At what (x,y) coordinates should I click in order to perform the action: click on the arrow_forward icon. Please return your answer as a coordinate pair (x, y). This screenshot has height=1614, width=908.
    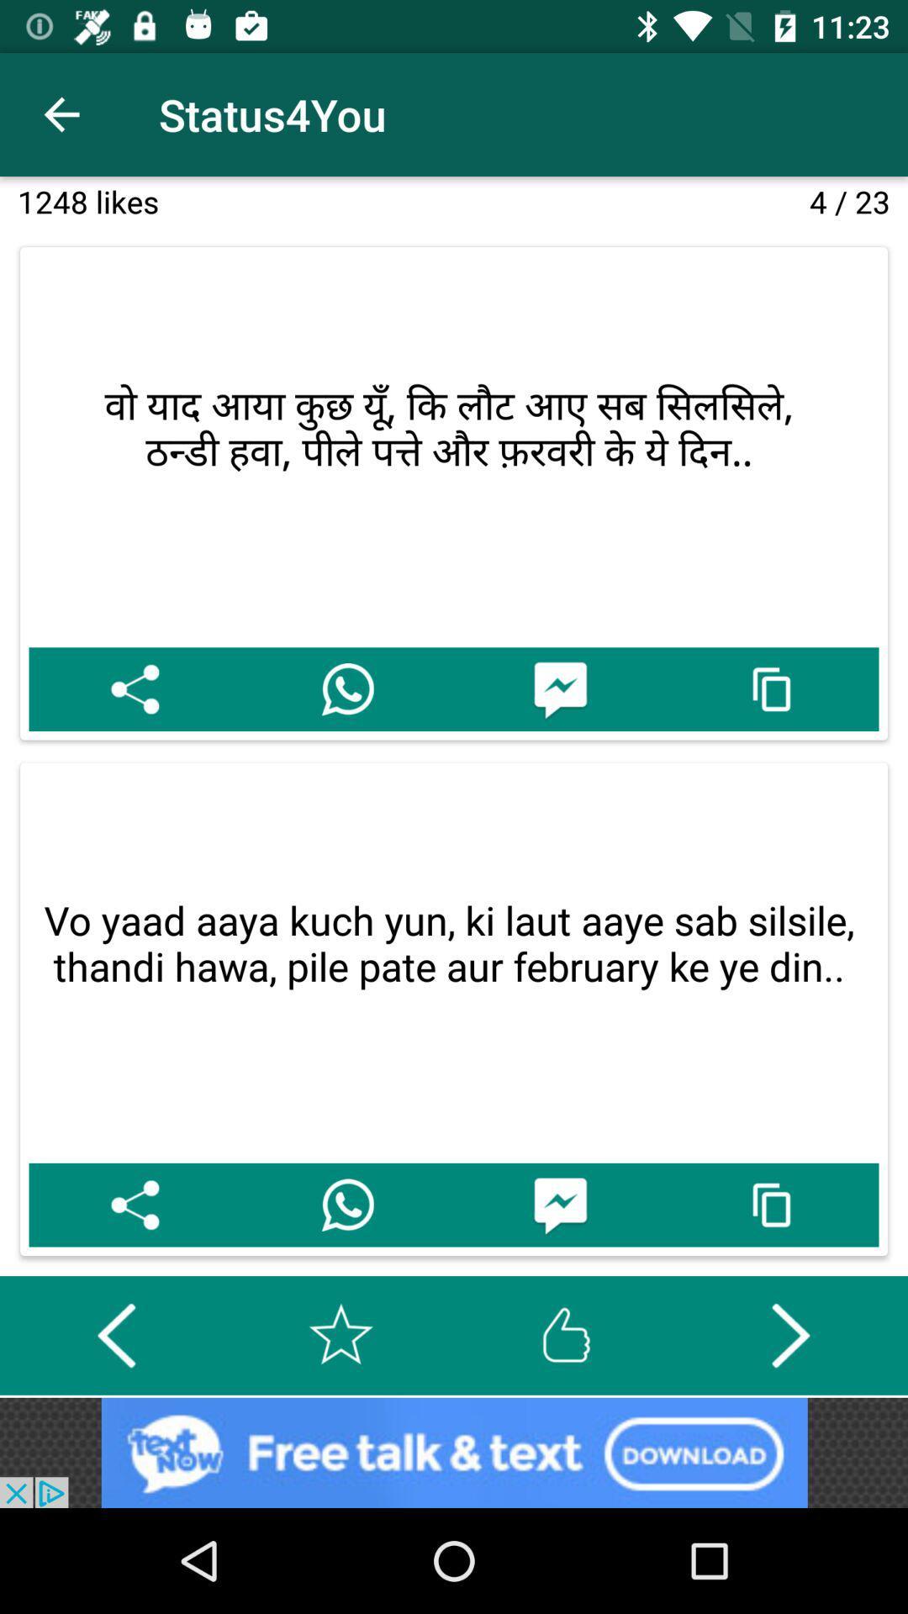
    Looking at the image, I should click on (790, 1334).